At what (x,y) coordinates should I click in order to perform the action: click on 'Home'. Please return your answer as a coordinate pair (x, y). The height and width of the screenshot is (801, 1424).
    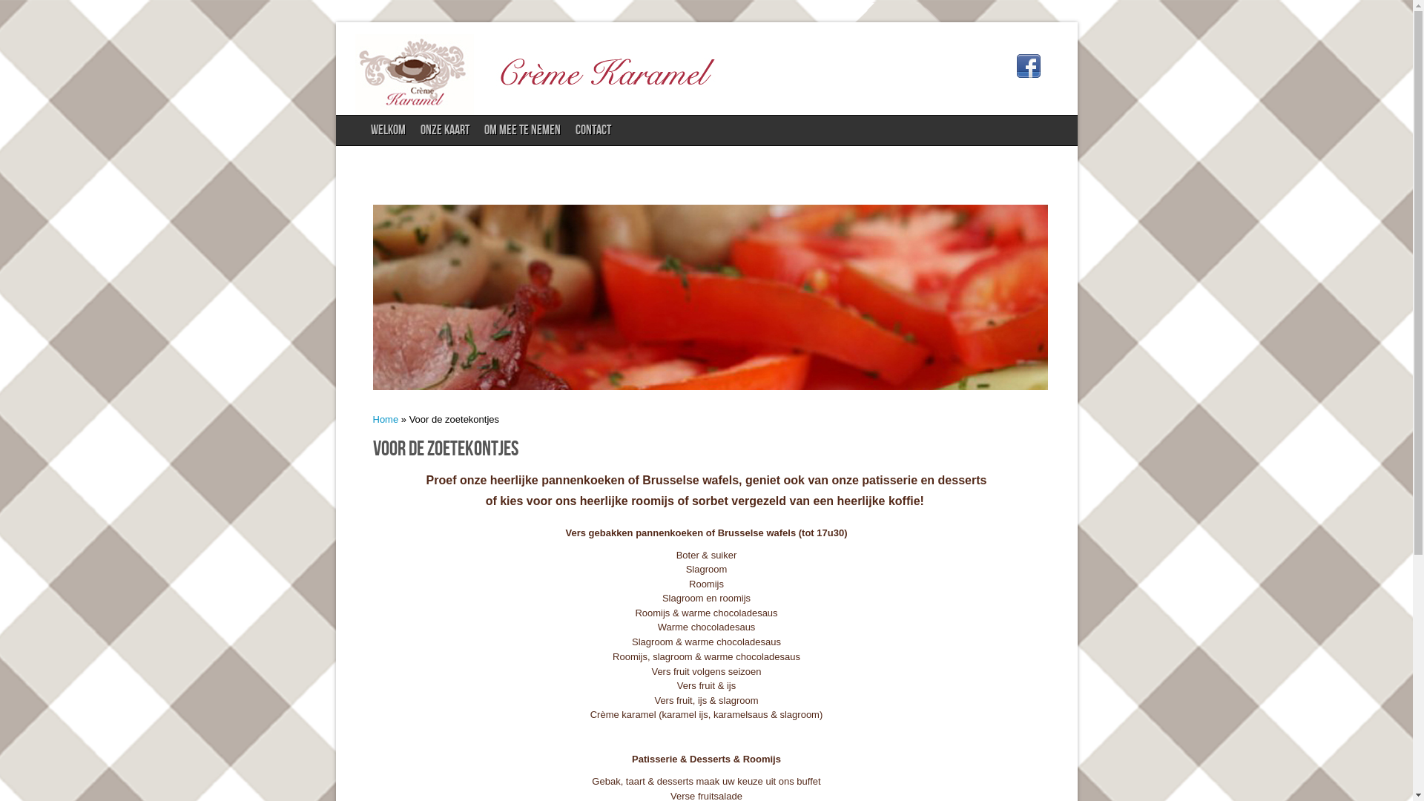
    Looking at the image, I should click on (385, 419).